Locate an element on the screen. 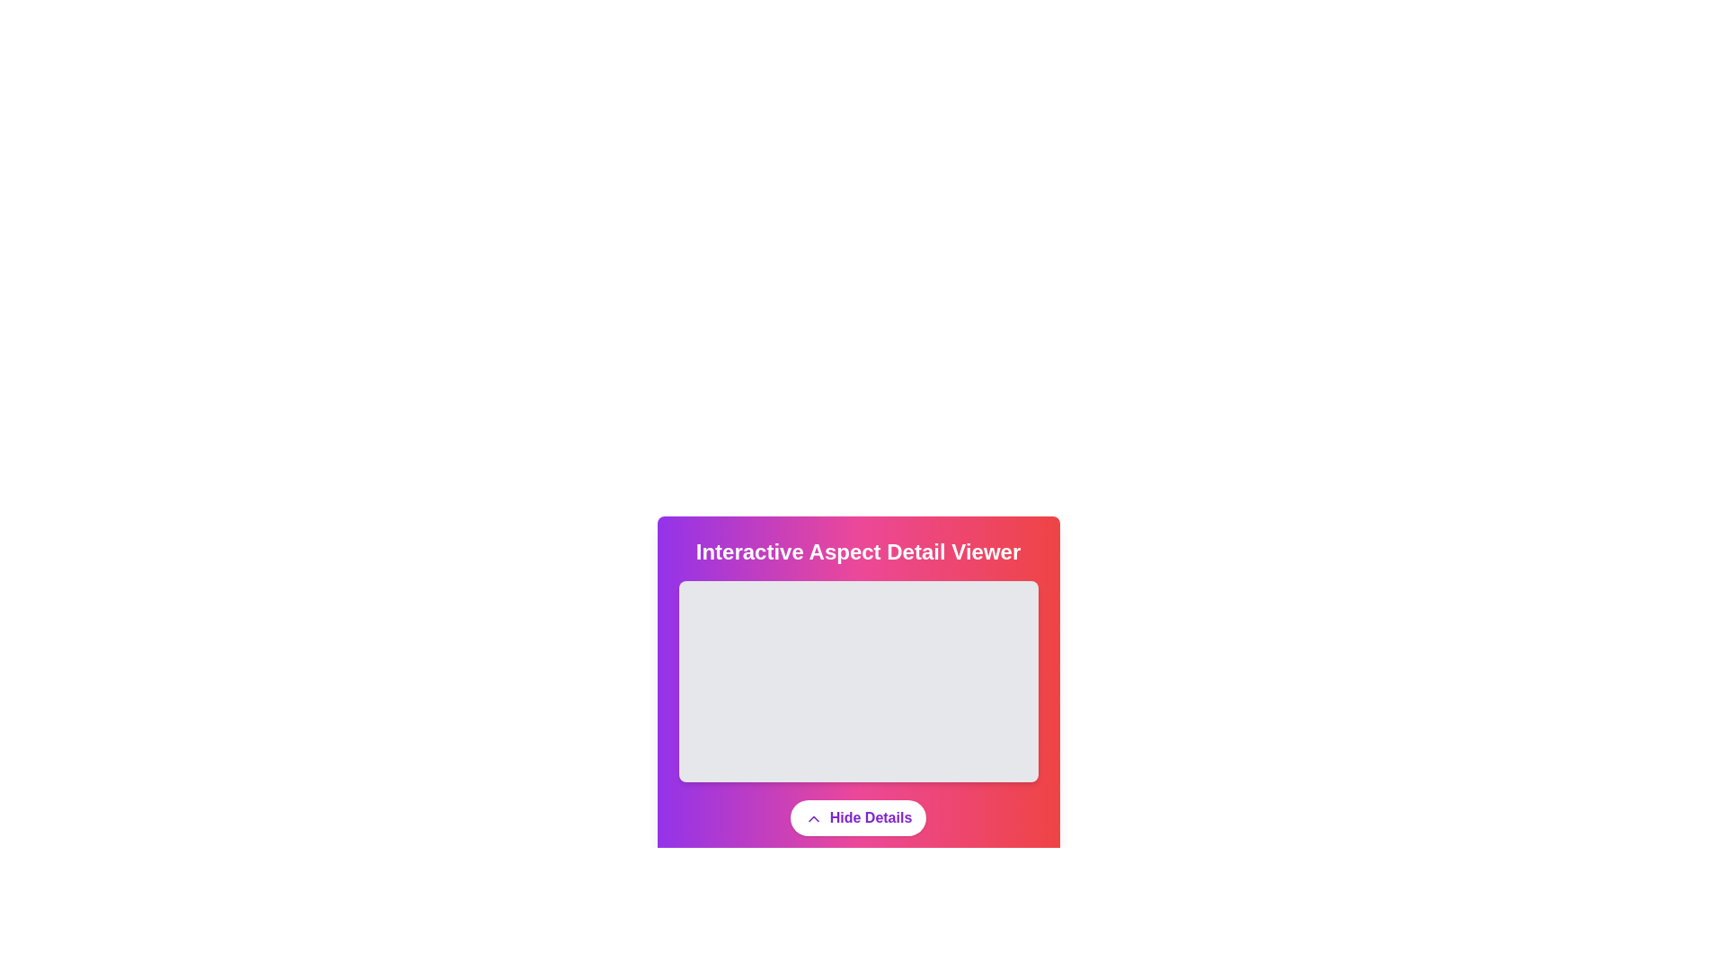 The image size is (1725, 970). the small purple chevron-shaped SVG icon pointing upwards located to the left of the 'Hide Details' button label text is located at coordinates (812, 818).